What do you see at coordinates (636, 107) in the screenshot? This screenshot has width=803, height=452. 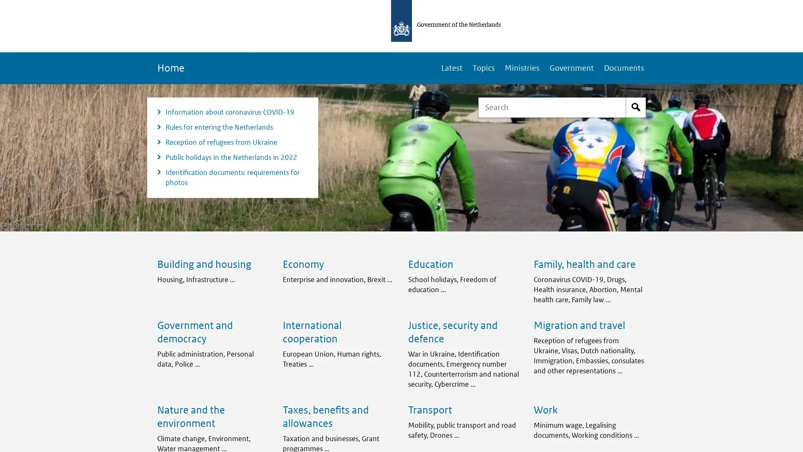 I see `Start search` at bounding box center [636, 107].